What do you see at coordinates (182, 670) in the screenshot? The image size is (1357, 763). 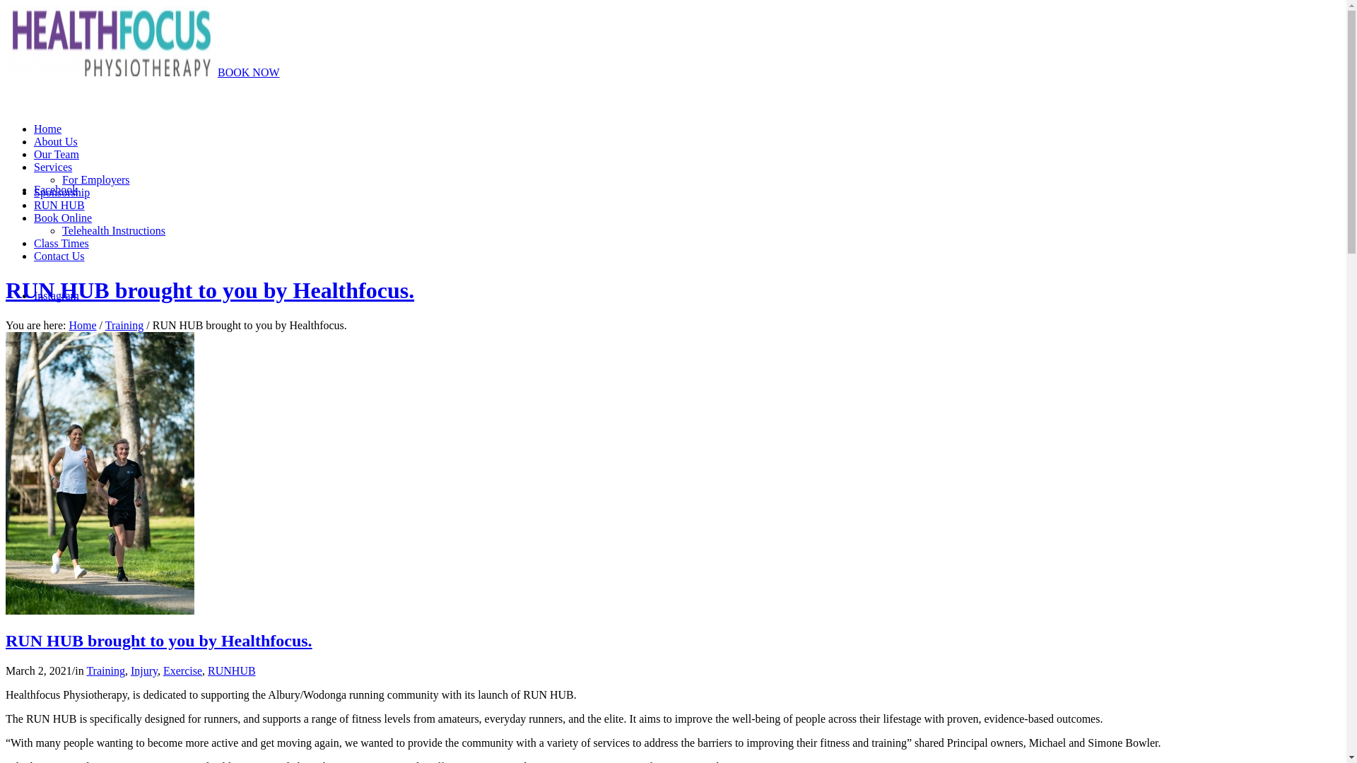 I see `'Exercise'` at bounding box center [182, 670].